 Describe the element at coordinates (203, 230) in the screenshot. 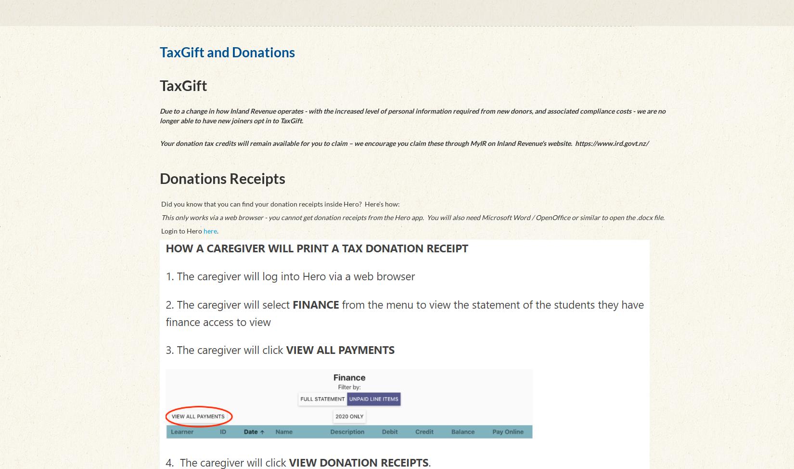

I see `'here'` at that location.